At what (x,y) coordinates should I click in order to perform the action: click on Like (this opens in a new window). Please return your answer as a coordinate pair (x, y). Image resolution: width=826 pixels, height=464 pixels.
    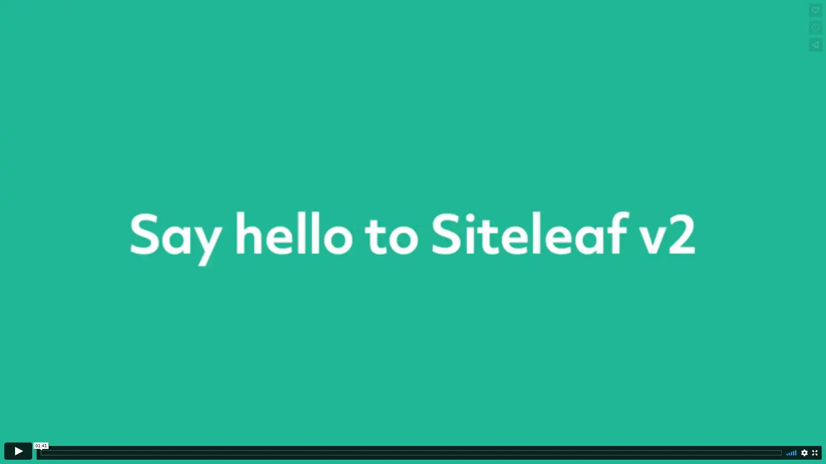
    Looking at the image, I should click on (815, 10).